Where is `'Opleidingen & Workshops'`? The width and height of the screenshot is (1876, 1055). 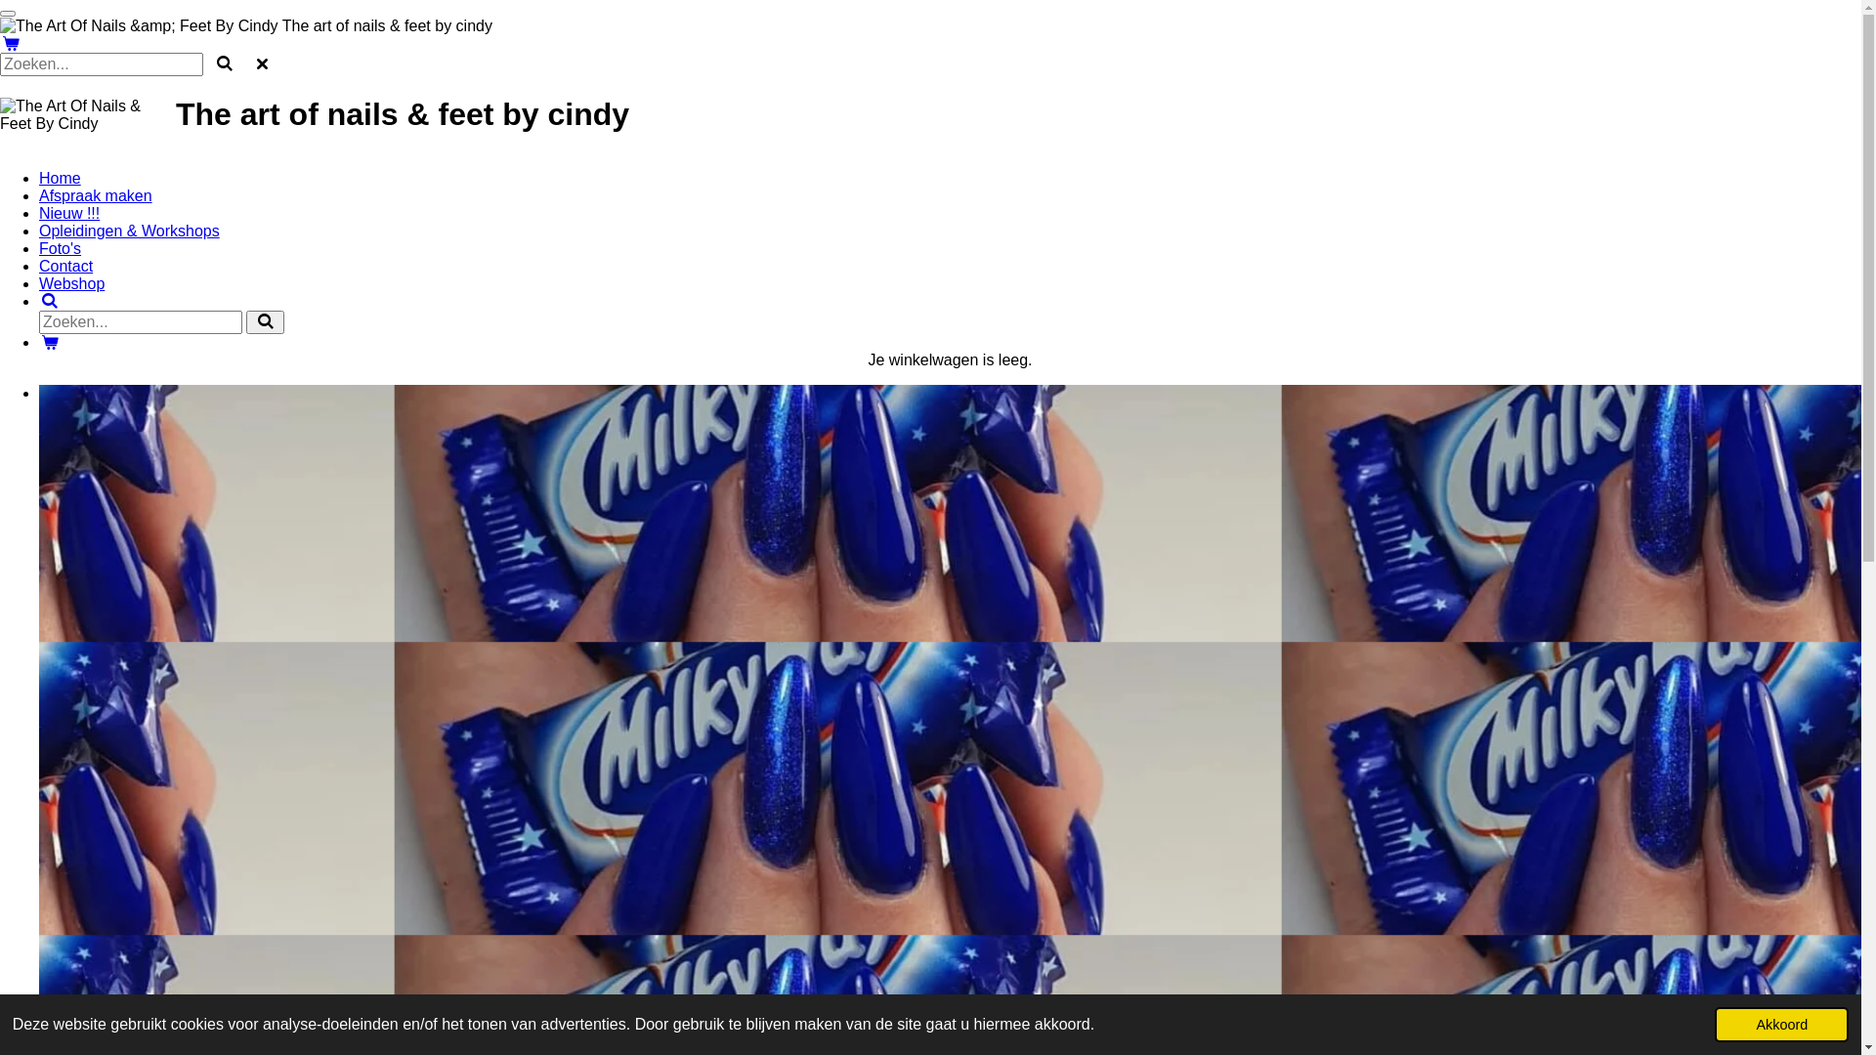 'Opleidingen & Workshops' is located at coordinates (128, 230).